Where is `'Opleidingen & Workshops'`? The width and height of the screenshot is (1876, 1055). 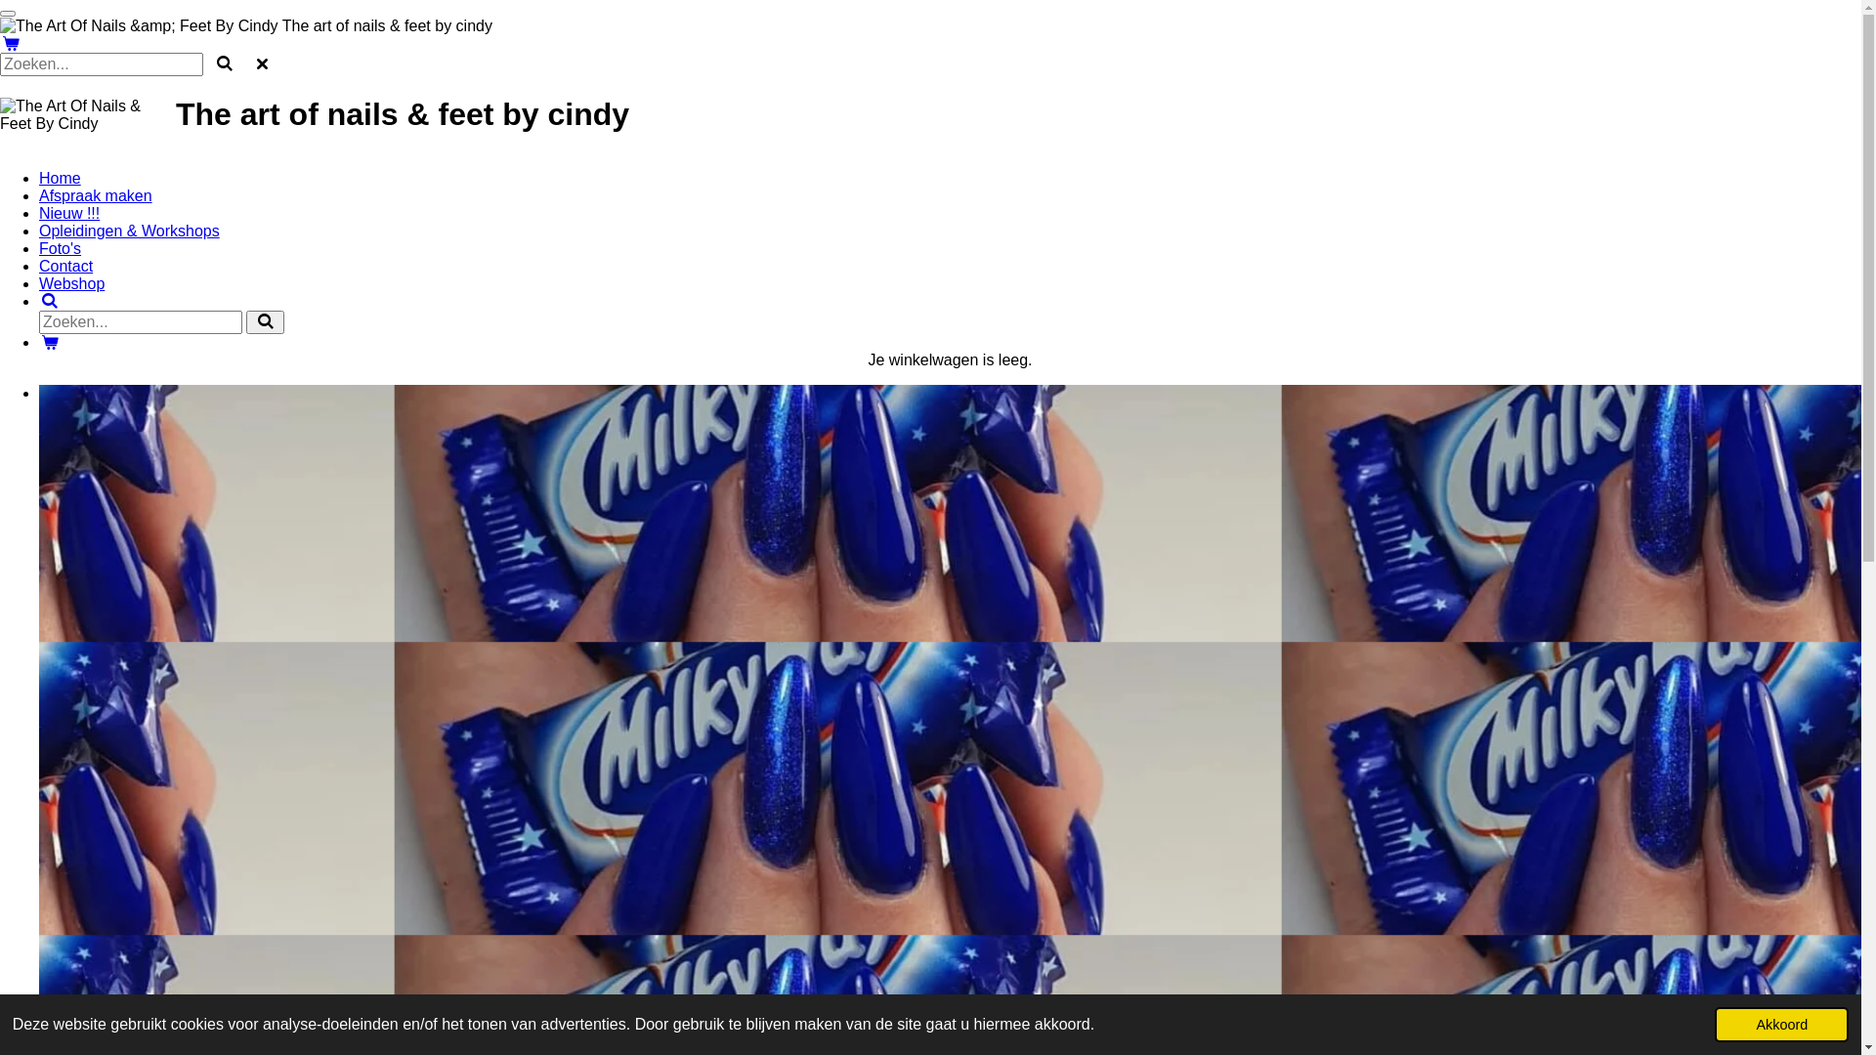 'Opleidingen & Workshops' is located at coordinates (128, 230).